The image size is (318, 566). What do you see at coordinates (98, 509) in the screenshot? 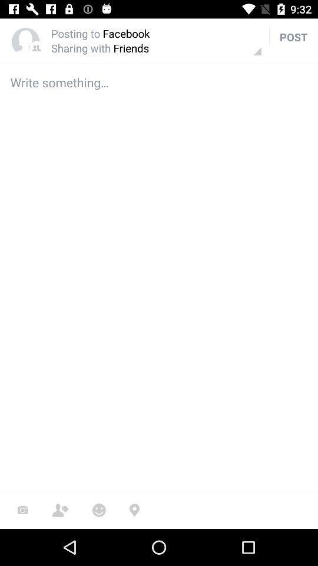
I see `the emoji icon` at bounding box center [98, 509].